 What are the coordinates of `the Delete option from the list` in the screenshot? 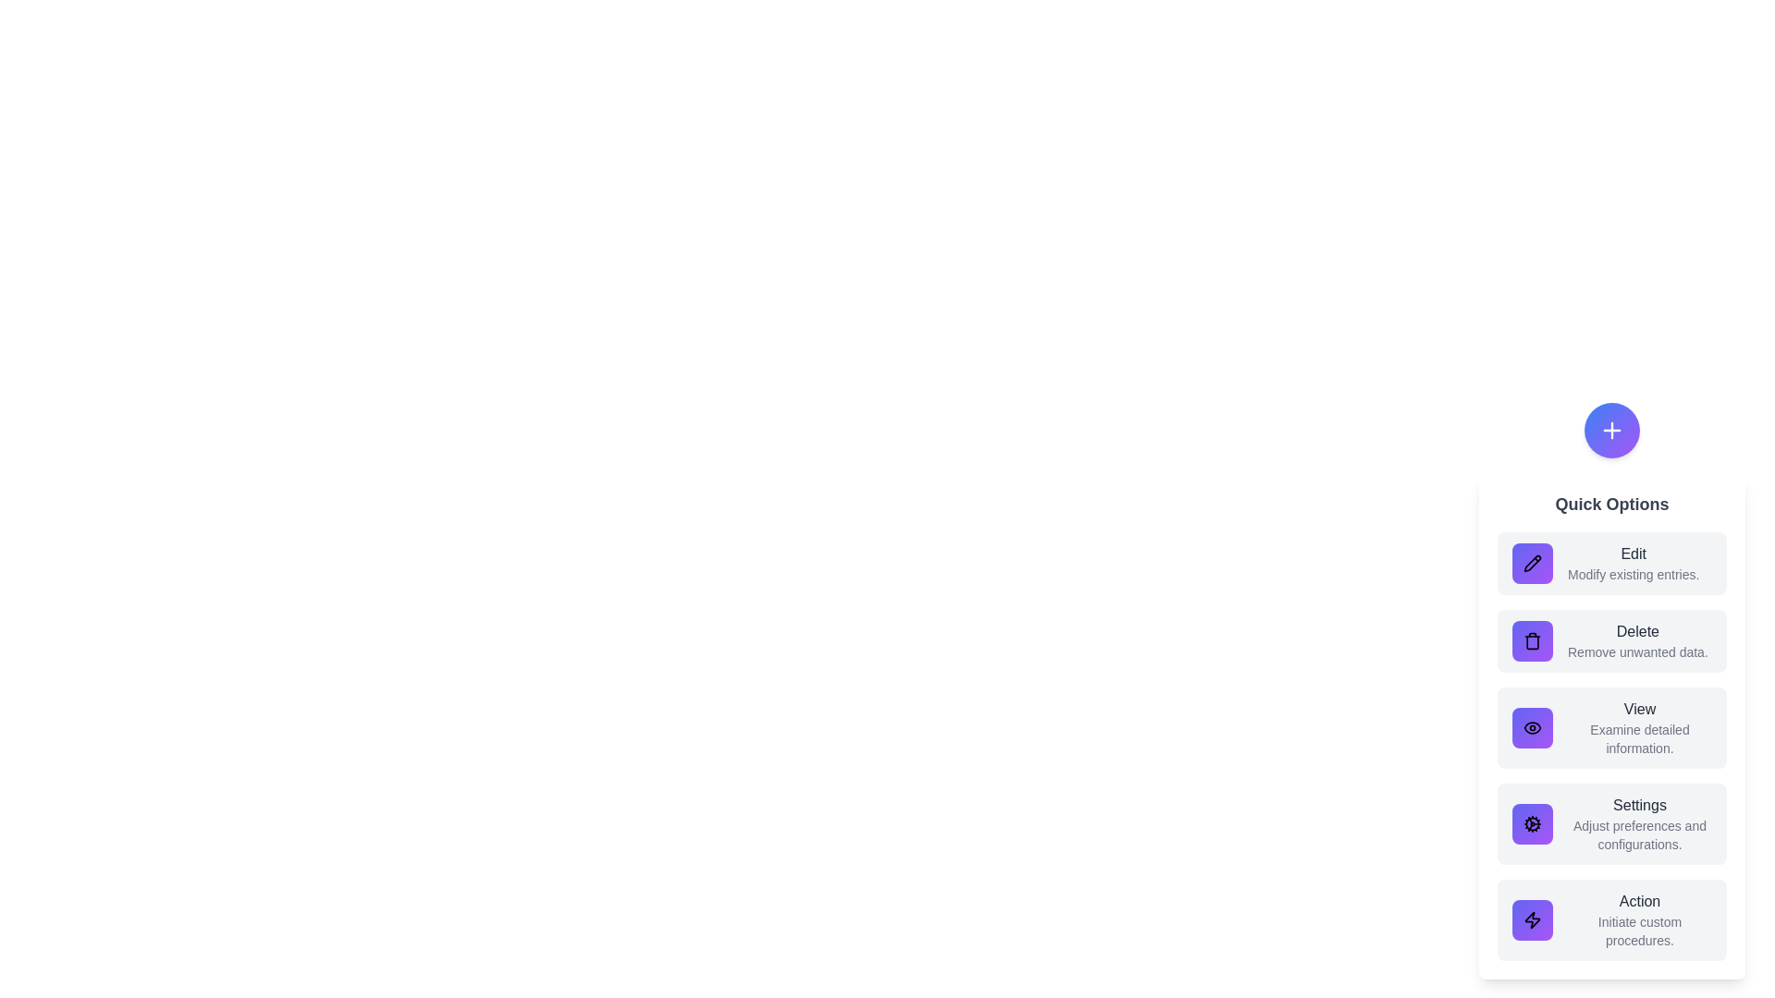 It's located at (1610, 640).